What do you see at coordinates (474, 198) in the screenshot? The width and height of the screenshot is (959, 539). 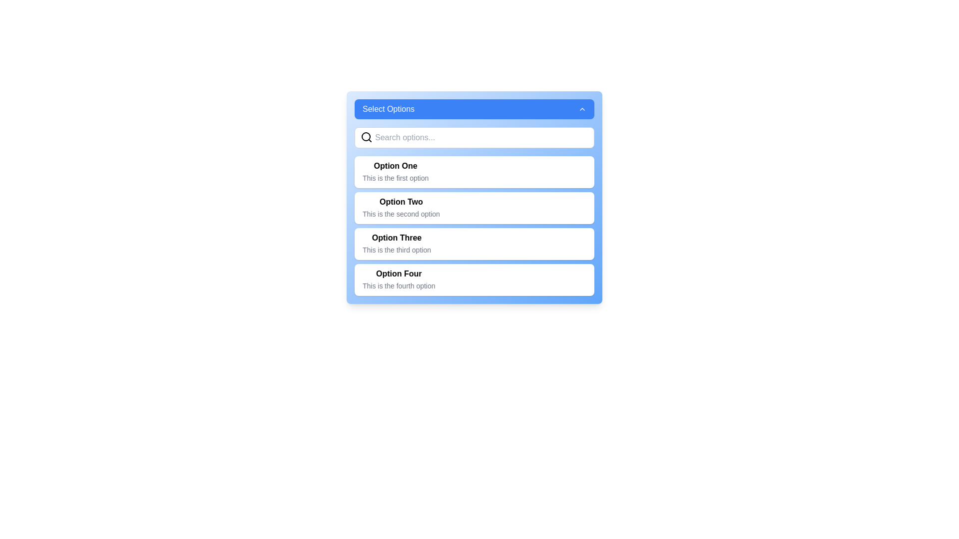 I see `the selectable list item labeled 'Option Two'` at bounding box center [474, 198].